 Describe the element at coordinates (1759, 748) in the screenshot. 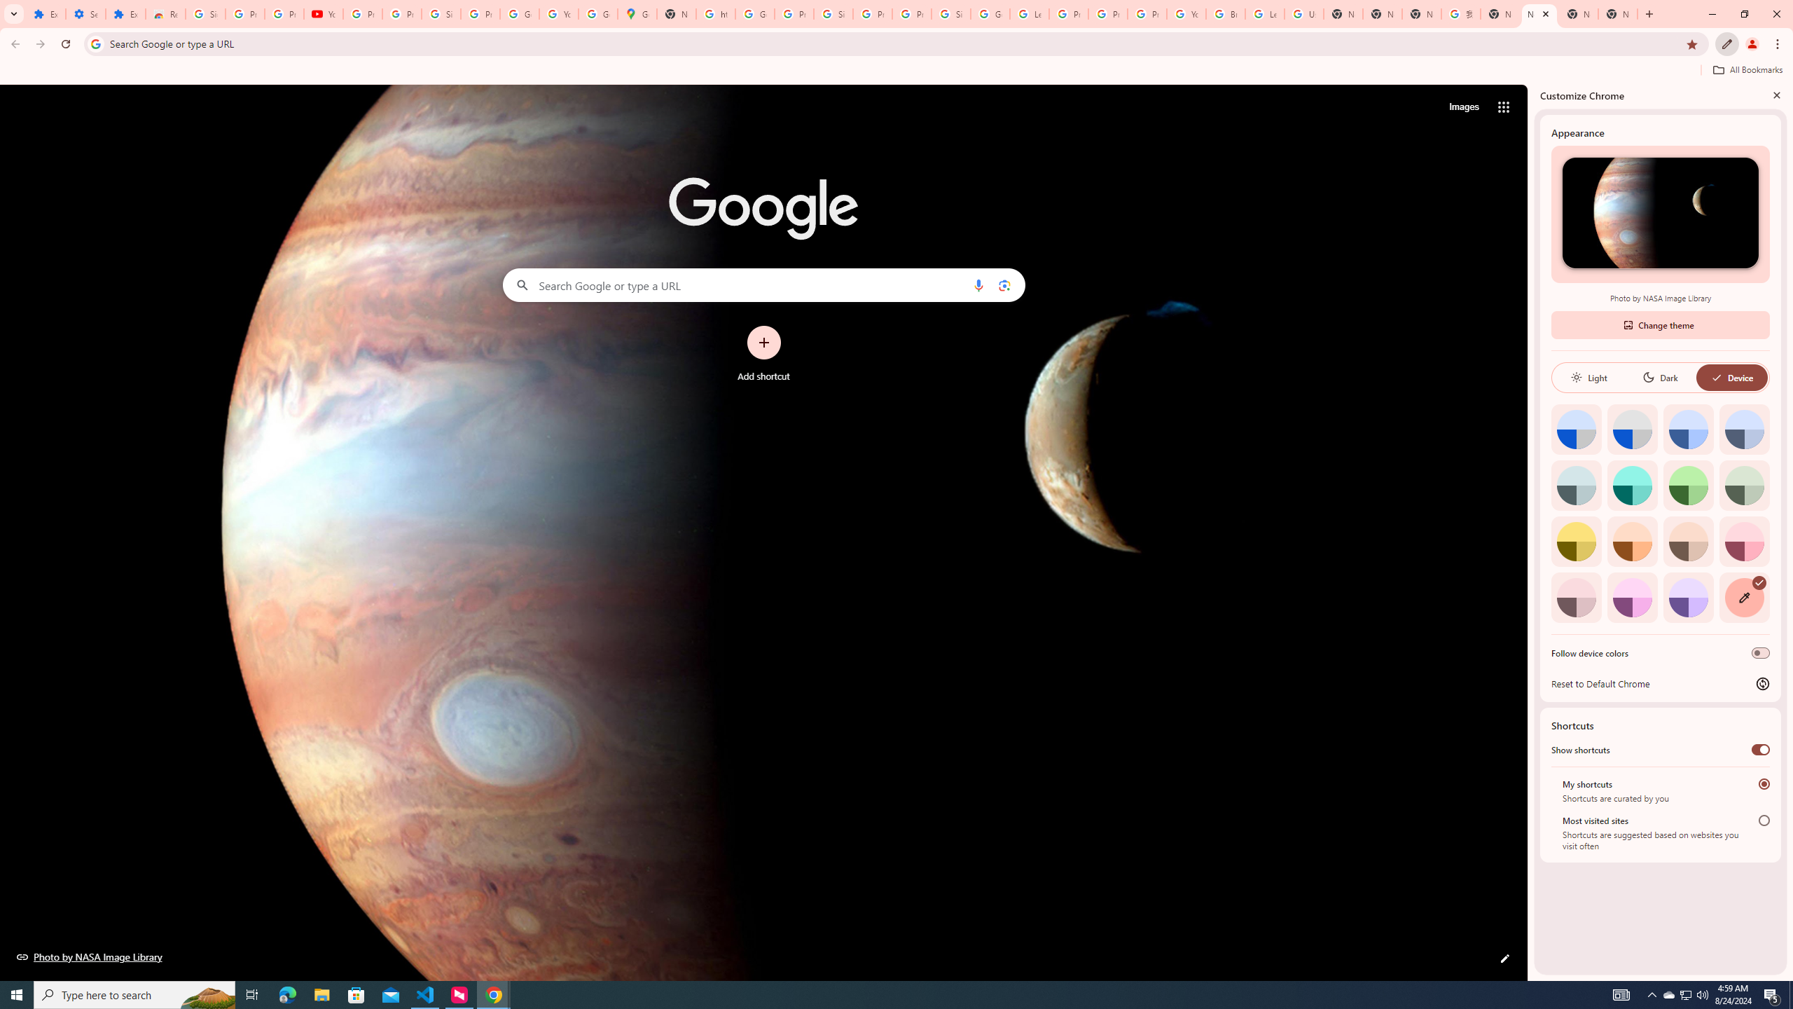

I see `'Show shortcuts'` at that location.